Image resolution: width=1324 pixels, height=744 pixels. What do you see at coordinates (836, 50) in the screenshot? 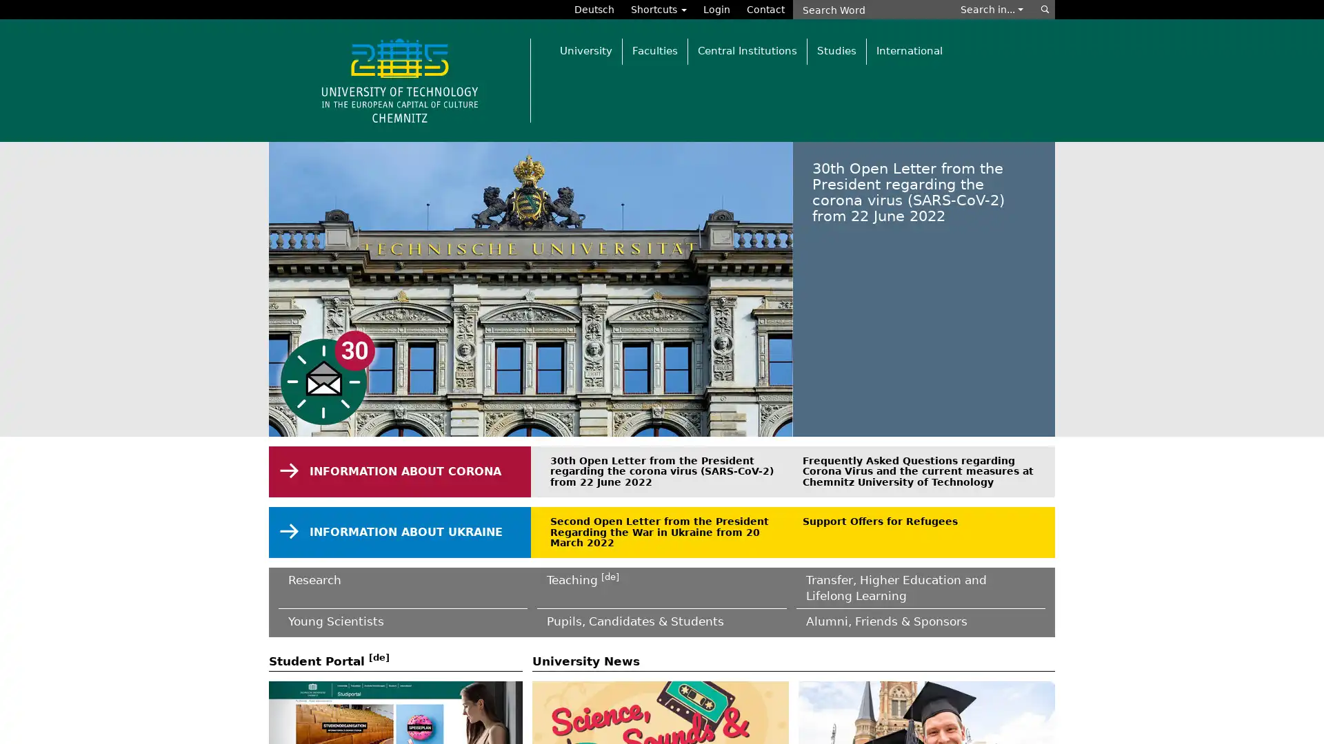
I see `Studies` at bounding box center [836, 50].